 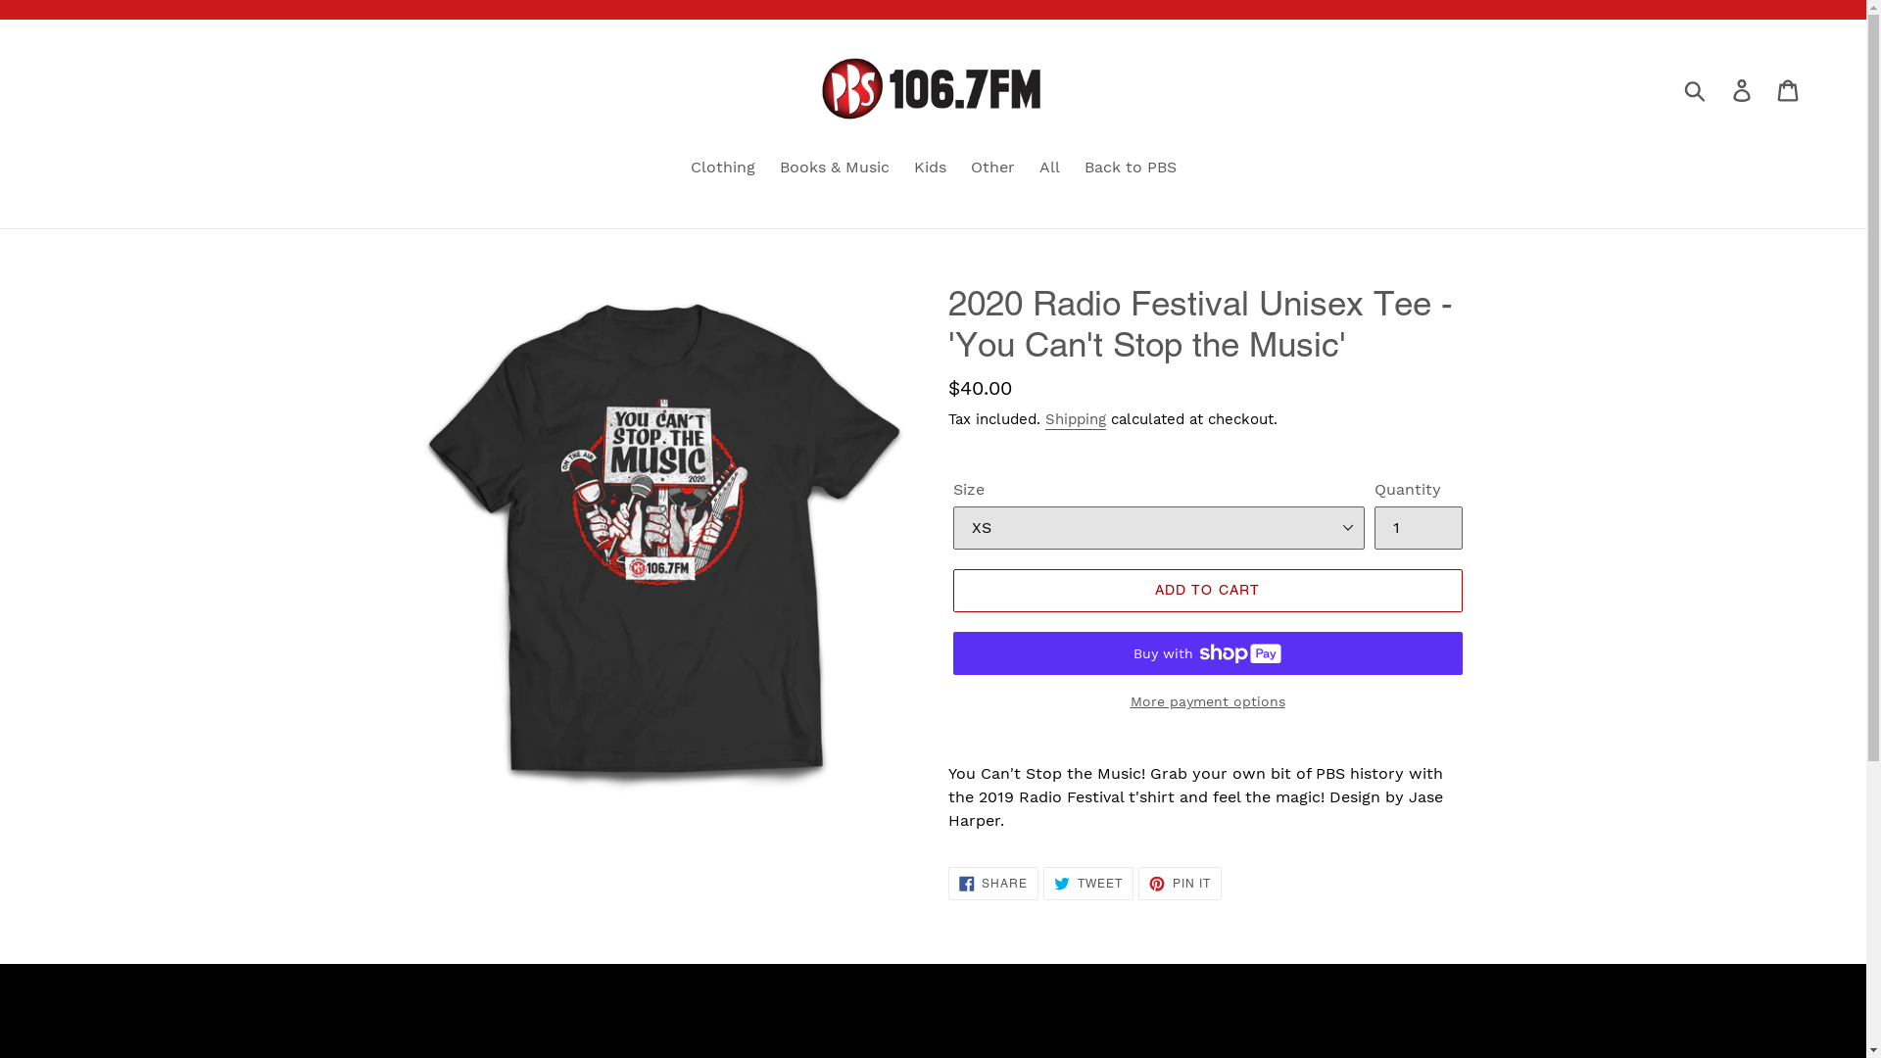 What do you see at coordinates (1206, 700) in the screenshot?
I see `'More payment options'` at bounding box center [1206, 700].